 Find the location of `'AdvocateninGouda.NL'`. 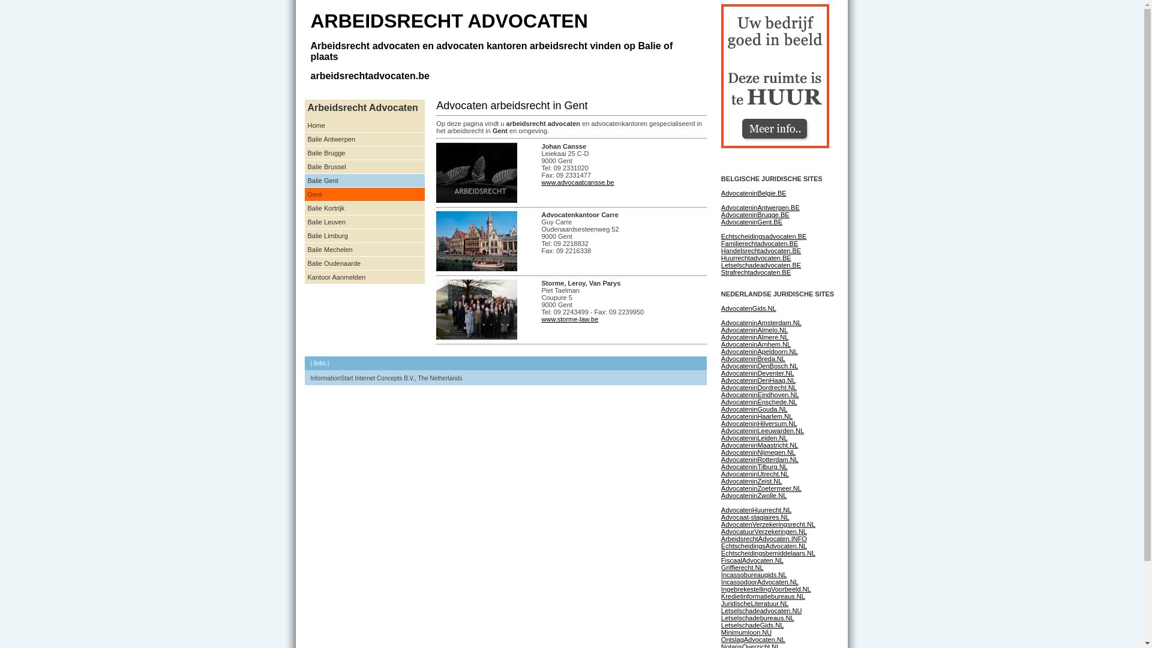

'AdvocateninGouda.NL' is located at coordinates (754, 409).